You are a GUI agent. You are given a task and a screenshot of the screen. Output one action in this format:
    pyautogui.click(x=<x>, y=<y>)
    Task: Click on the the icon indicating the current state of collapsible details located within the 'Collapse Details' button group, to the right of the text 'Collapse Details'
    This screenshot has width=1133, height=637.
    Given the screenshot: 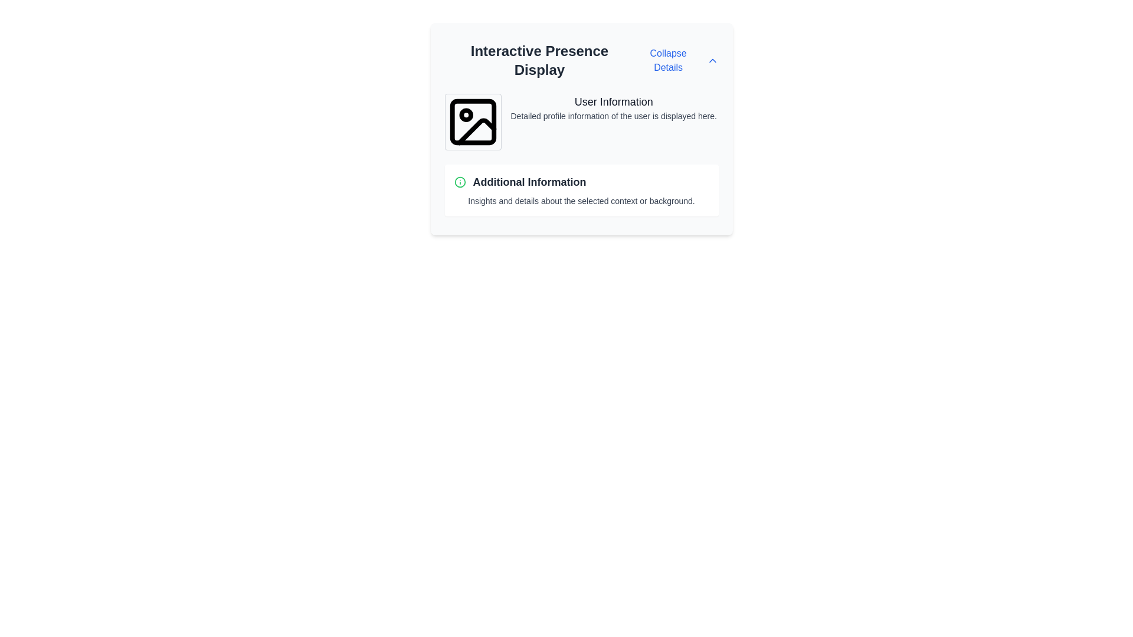 What is the action you would take?
    pyautogui.click(x=712, y=61)
    